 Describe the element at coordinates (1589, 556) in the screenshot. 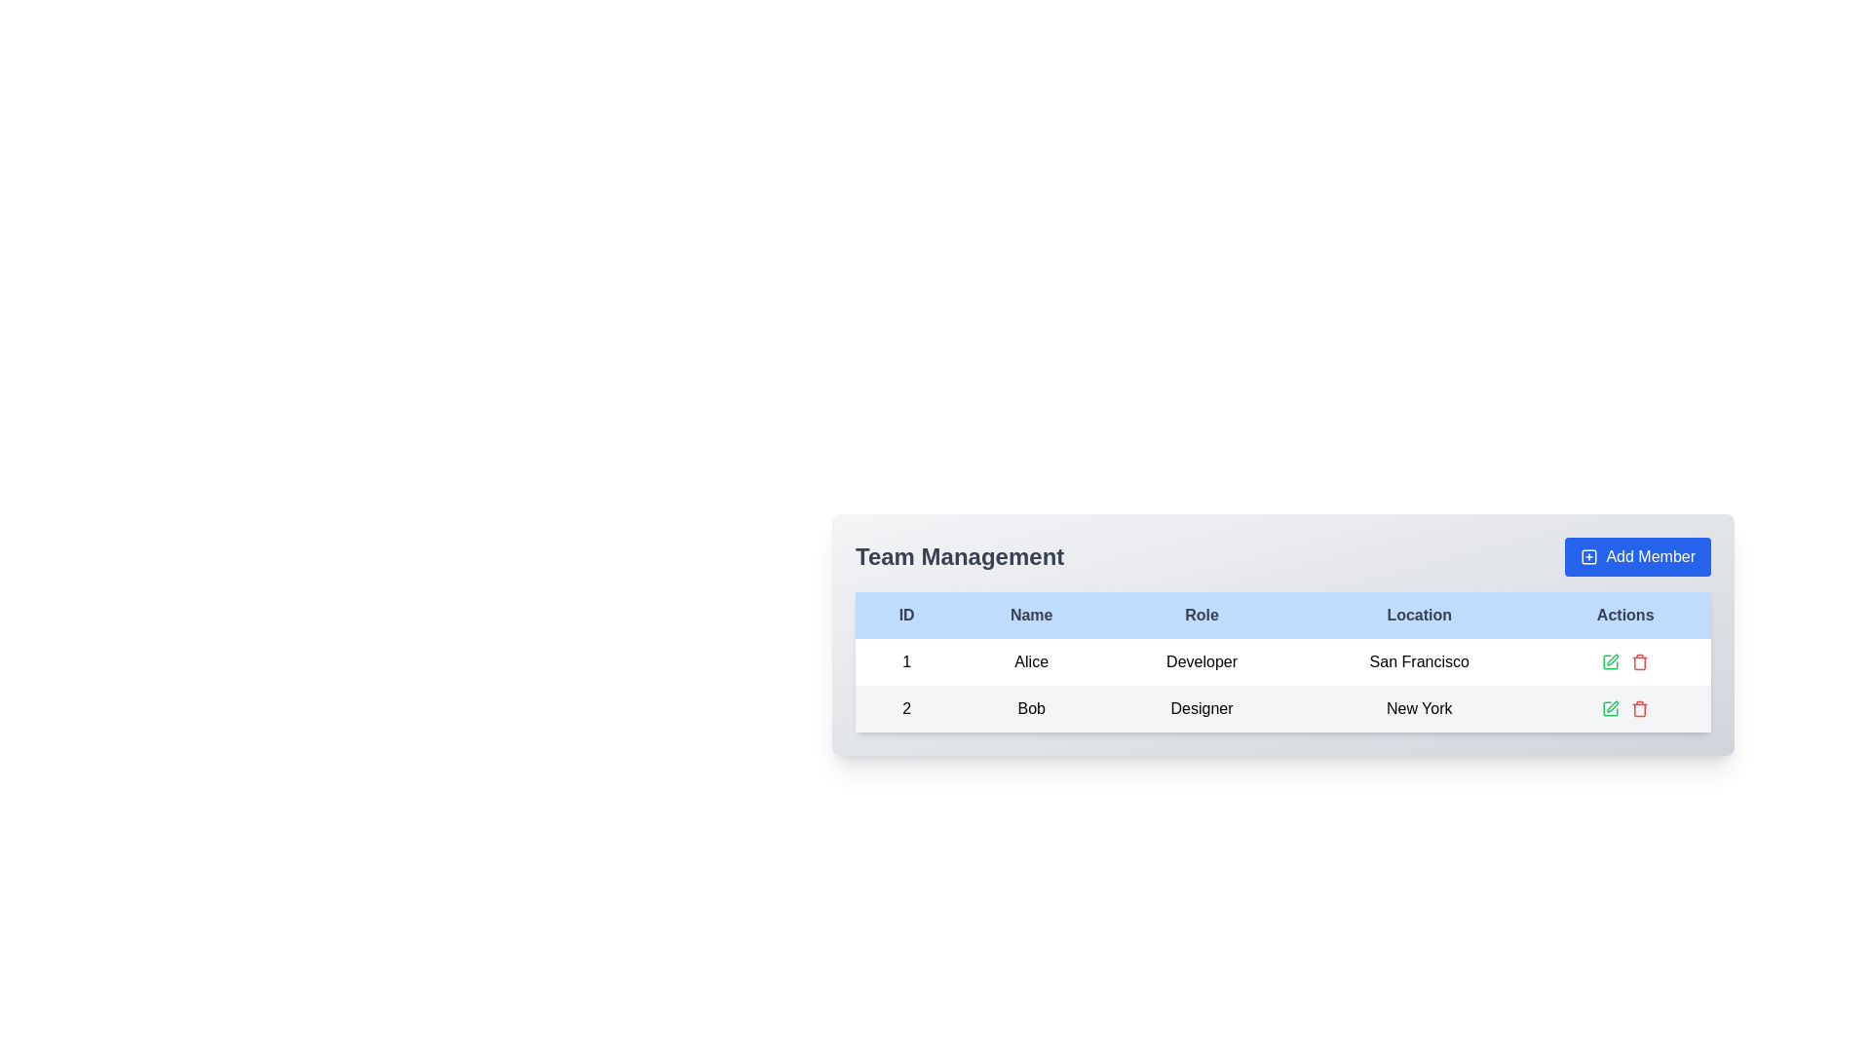

I see `the 'Add Member' button which is visually represented by an icon containing a rounded rectangle SVG decoration and a '+' symbol located at the top-right corner of the table interface` at that location.